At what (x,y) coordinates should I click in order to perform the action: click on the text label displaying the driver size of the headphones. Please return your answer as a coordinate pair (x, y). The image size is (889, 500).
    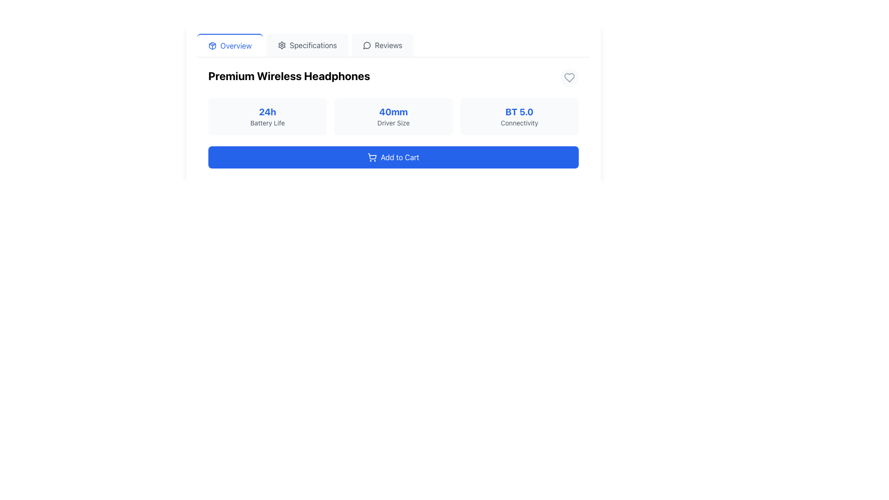
    Looking at the image, I should click on (393, 112).